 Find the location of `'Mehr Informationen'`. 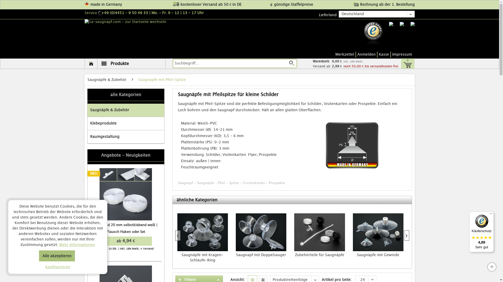

'Mehr Informationen' is located at coordinates (59, 245).